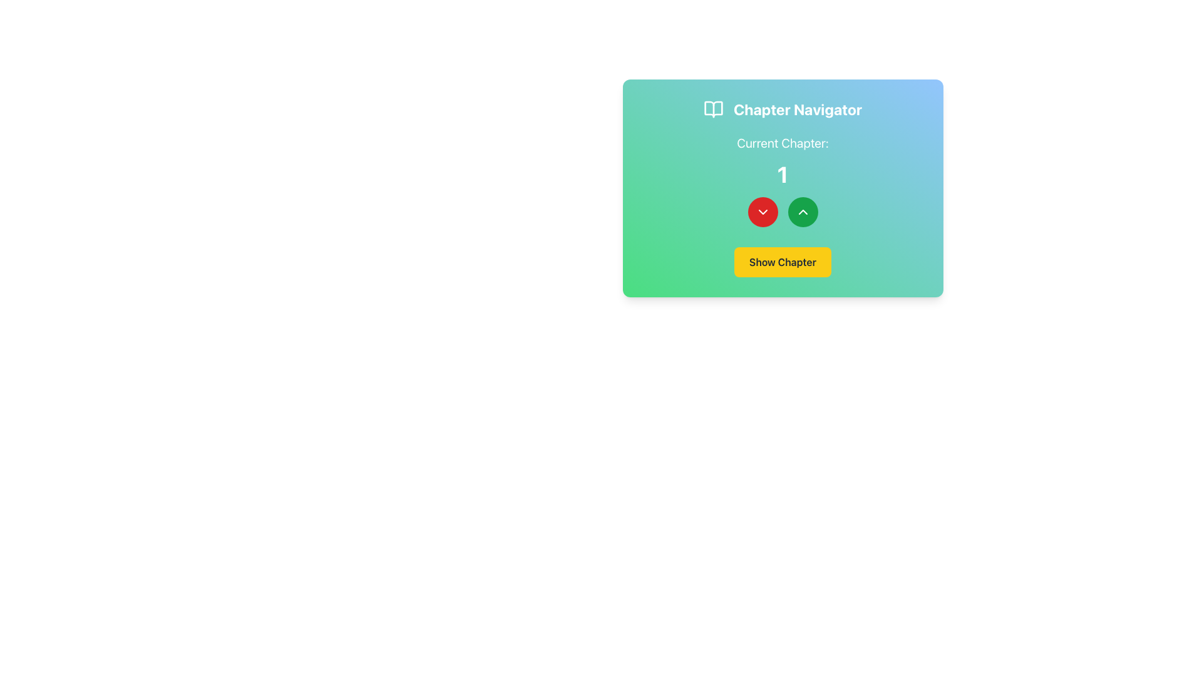 The image size is (1202, 676). Describe the element at coordinates (782, 181) in the screenshot. I see `the text display that shows 'Current Chapter:1', which is centrally located below the header 'Chapter Navigator' and above two circular buttons` at that location.